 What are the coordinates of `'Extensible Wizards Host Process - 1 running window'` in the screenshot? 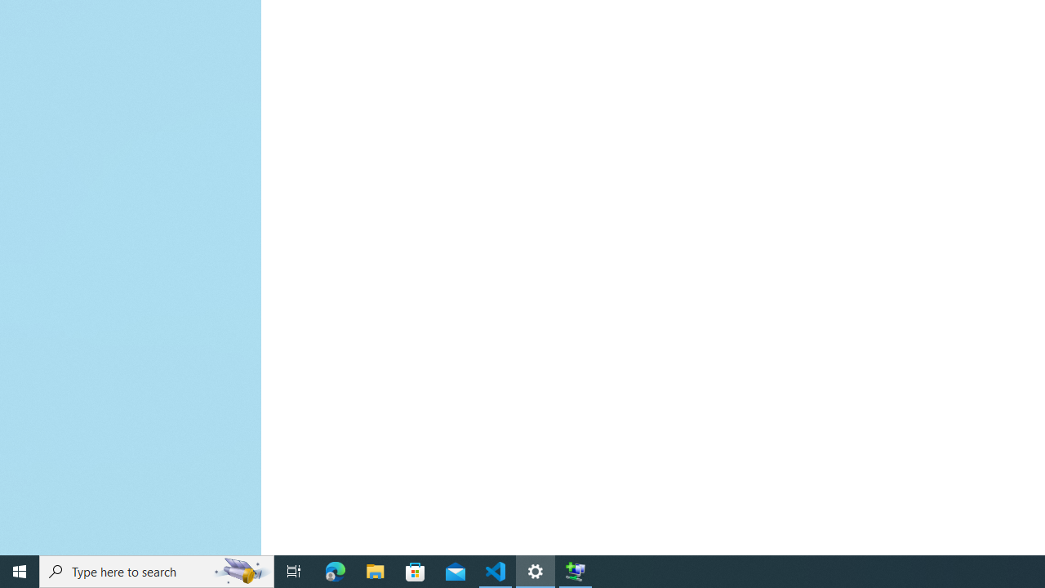 It's located at (576, 570).